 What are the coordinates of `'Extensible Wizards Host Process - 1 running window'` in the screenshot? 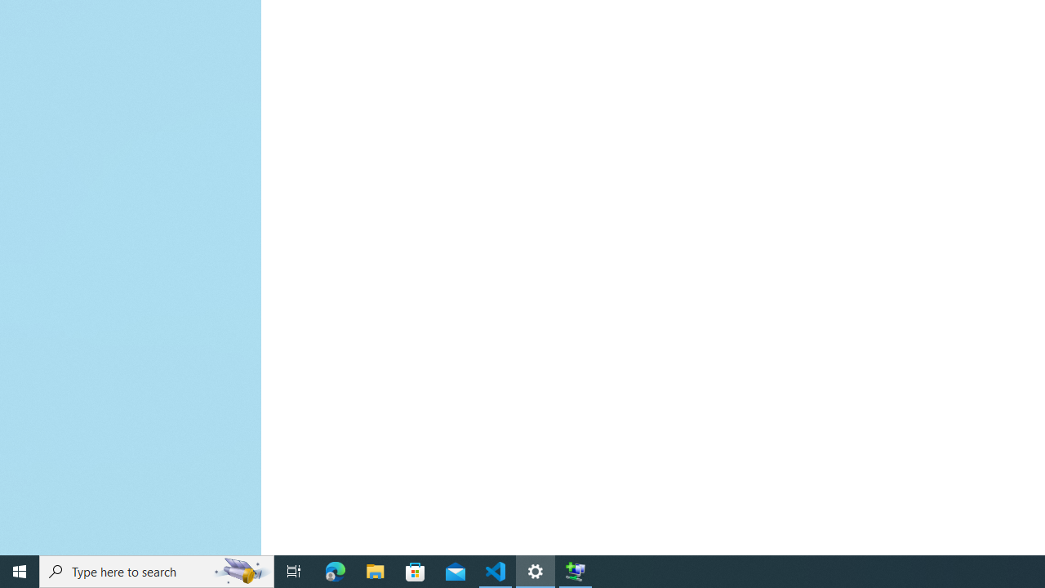 It's located at (576, 570).